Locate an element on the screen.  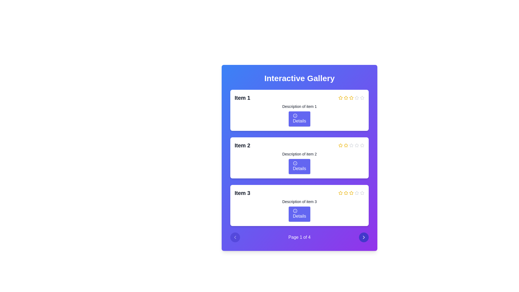
the informational text label for 'Item 1', which is located below the 'Item 1' headline and above the 'Details' button is located at coordinates (299, 106).